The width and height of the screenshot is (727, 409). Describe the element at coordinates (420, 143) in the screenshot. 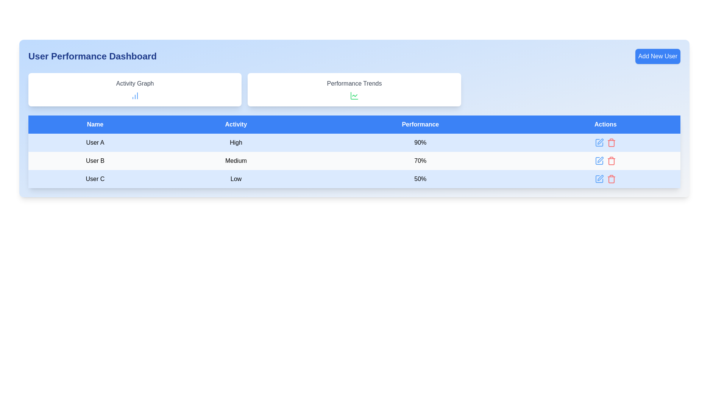

I see `the text label displaying '90%' in bold within the light blue rectangular cell under the 'Performance' column of the table` at that location.